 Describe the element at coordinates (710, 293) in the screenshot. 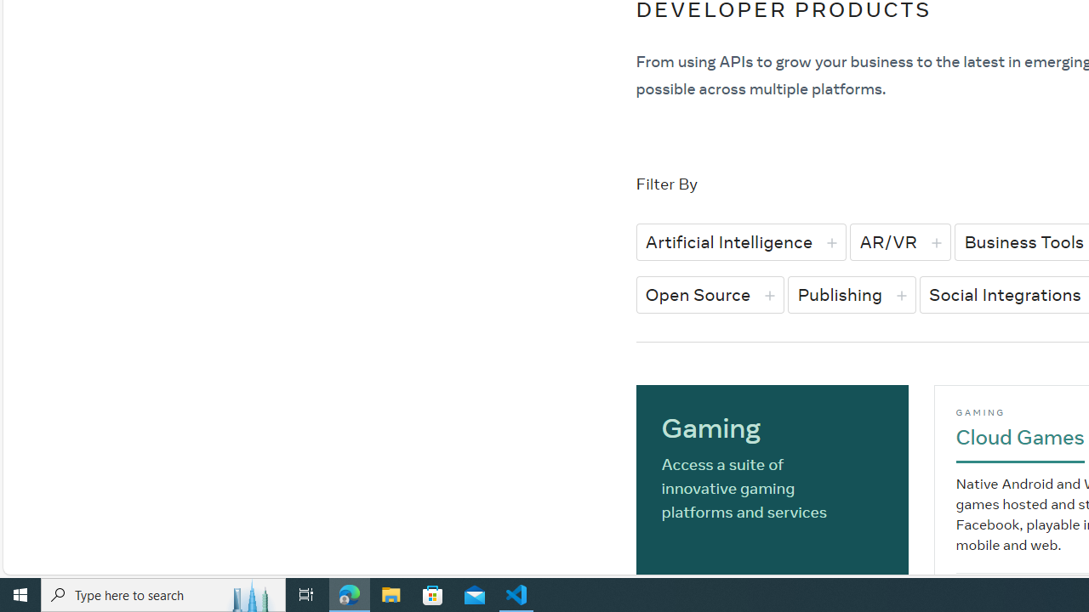

I see `'Open Source'` at that location.